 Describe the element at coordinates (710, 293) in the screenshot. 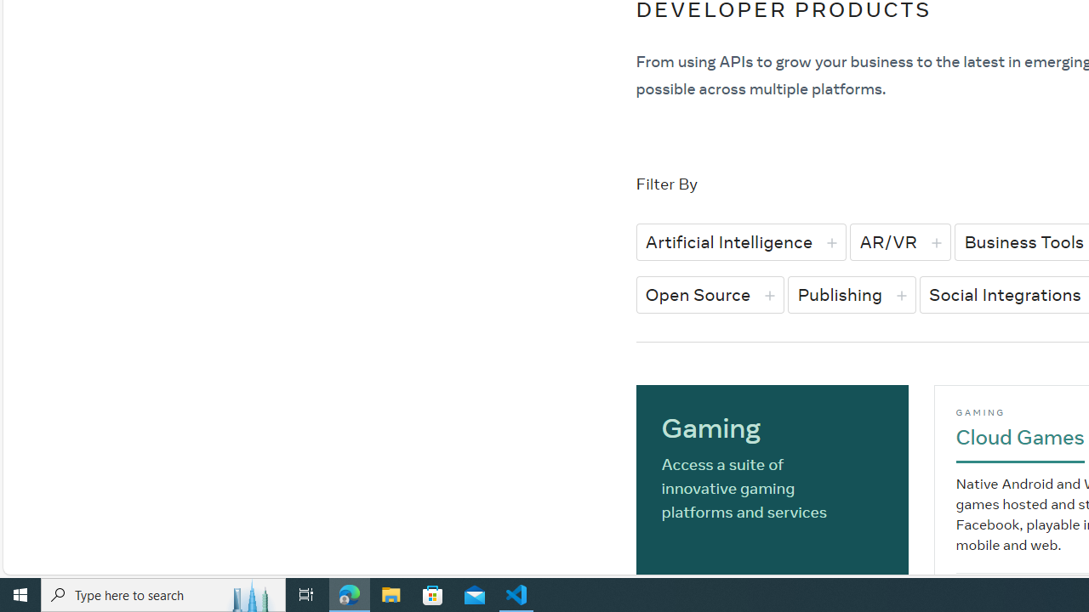

I see `'Open Source'` at that location.